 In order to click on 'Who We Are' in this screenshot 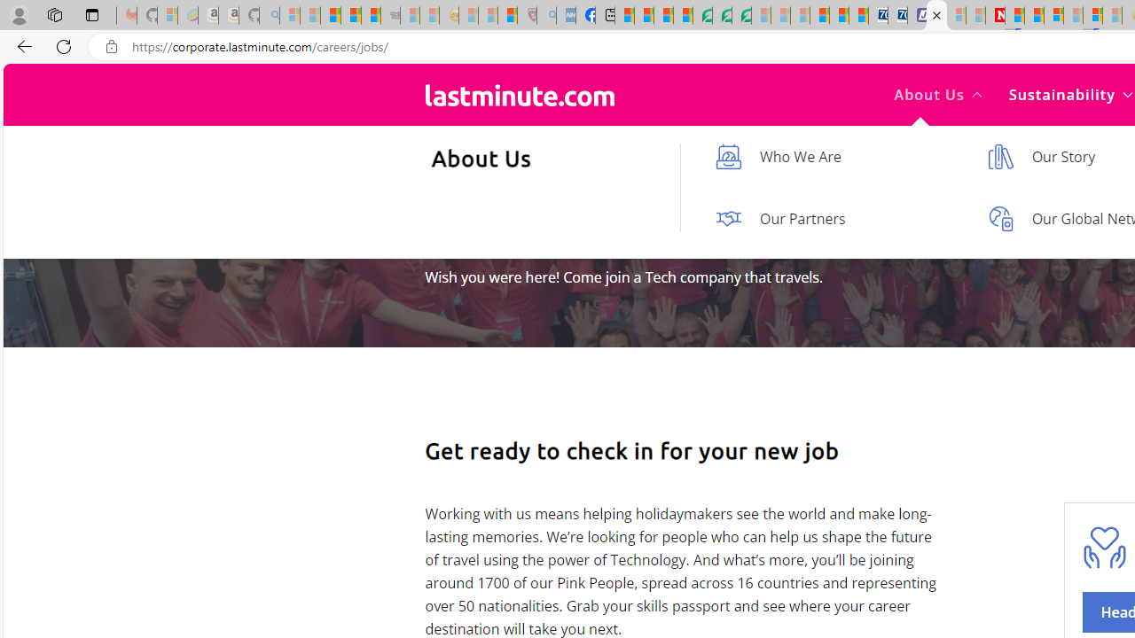, I will do `click(833, 156)`.